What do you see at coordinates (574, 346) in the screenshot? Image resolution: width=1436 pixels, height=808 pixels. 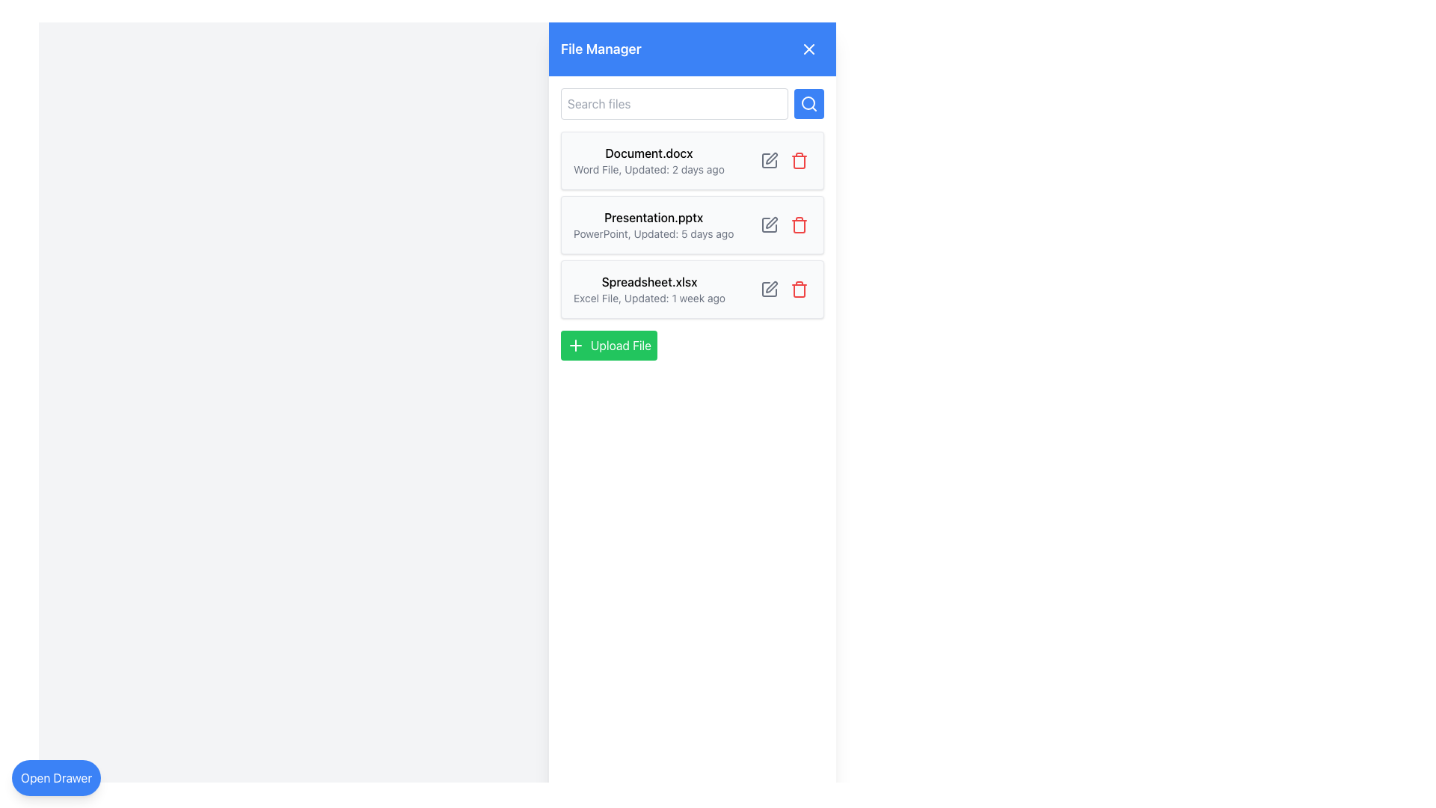 I see `the green circular icon with a white '+' symbol located within the 'Upload File' button` at bounding box center [574, 346].